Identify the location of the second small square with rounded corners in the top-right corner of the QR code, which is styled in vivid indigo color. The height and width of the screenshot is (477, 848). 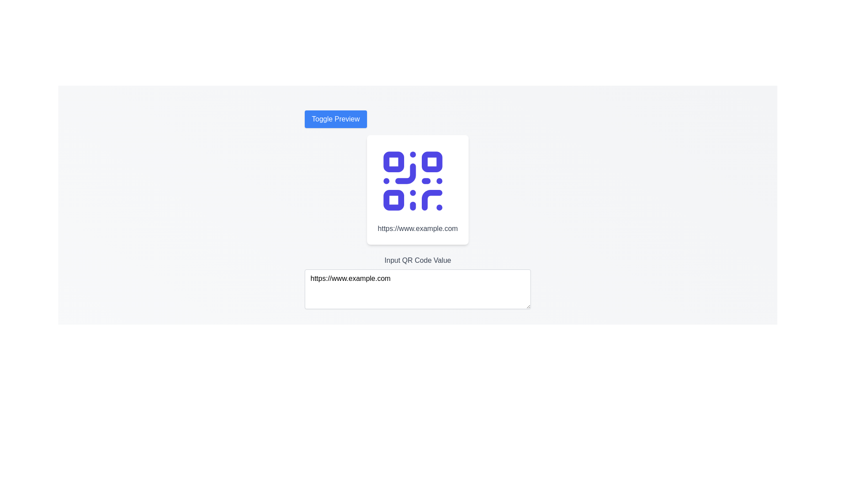
(432, 162).